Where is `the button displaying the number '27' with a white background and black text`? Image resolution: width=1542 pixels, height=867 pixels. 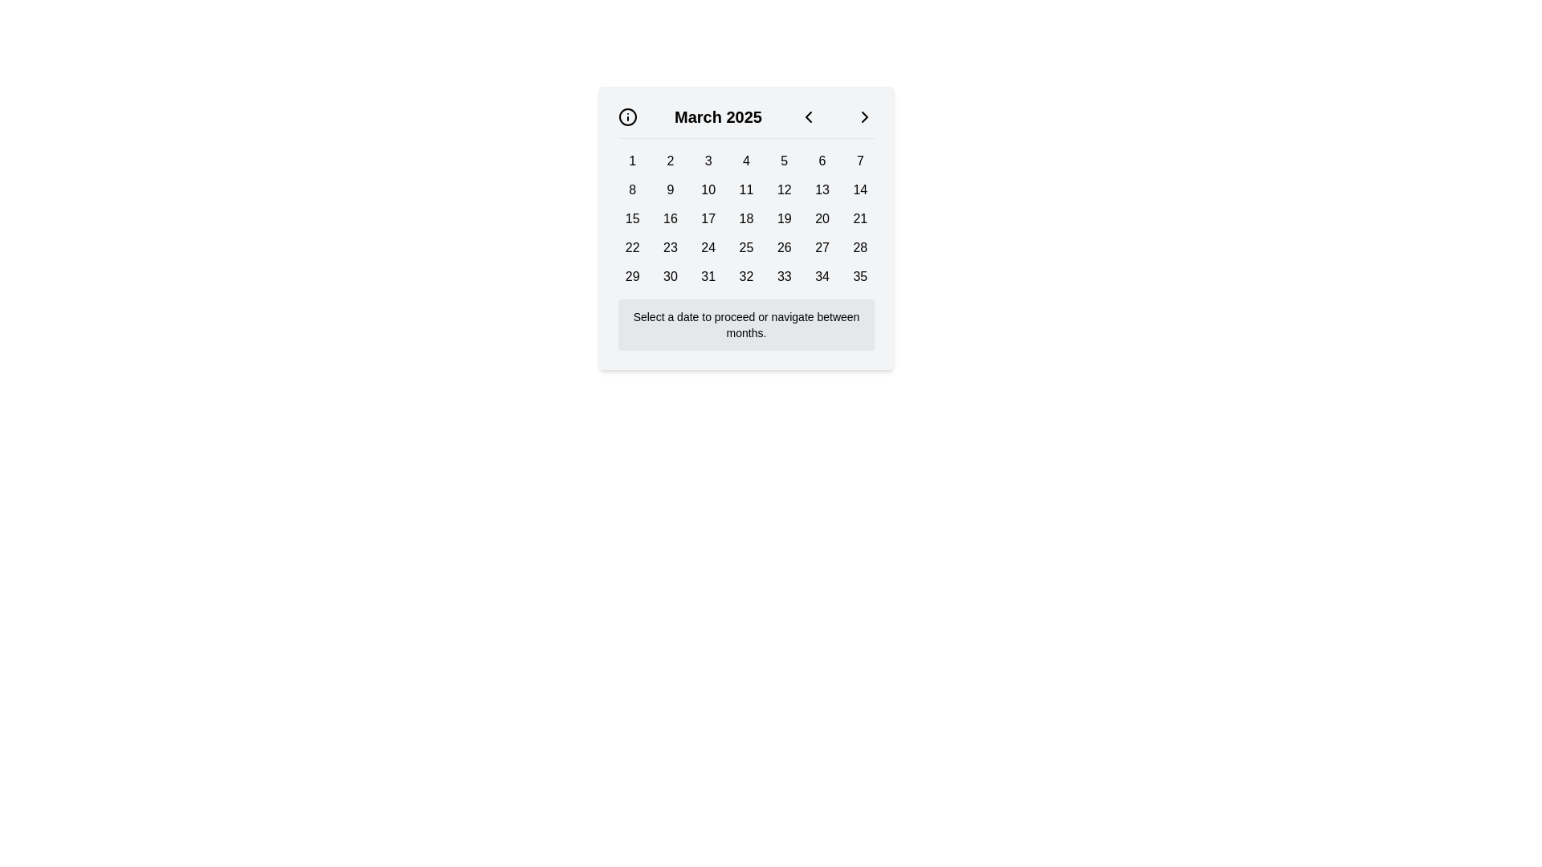
the button displaying the number '27' with a white background and black text is located at coordinates (822, 247).